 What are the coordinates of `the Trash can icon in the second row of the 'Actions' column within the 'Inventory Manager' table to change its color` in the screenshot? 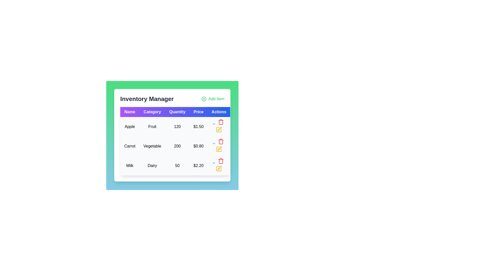 It's located at (220, 141).